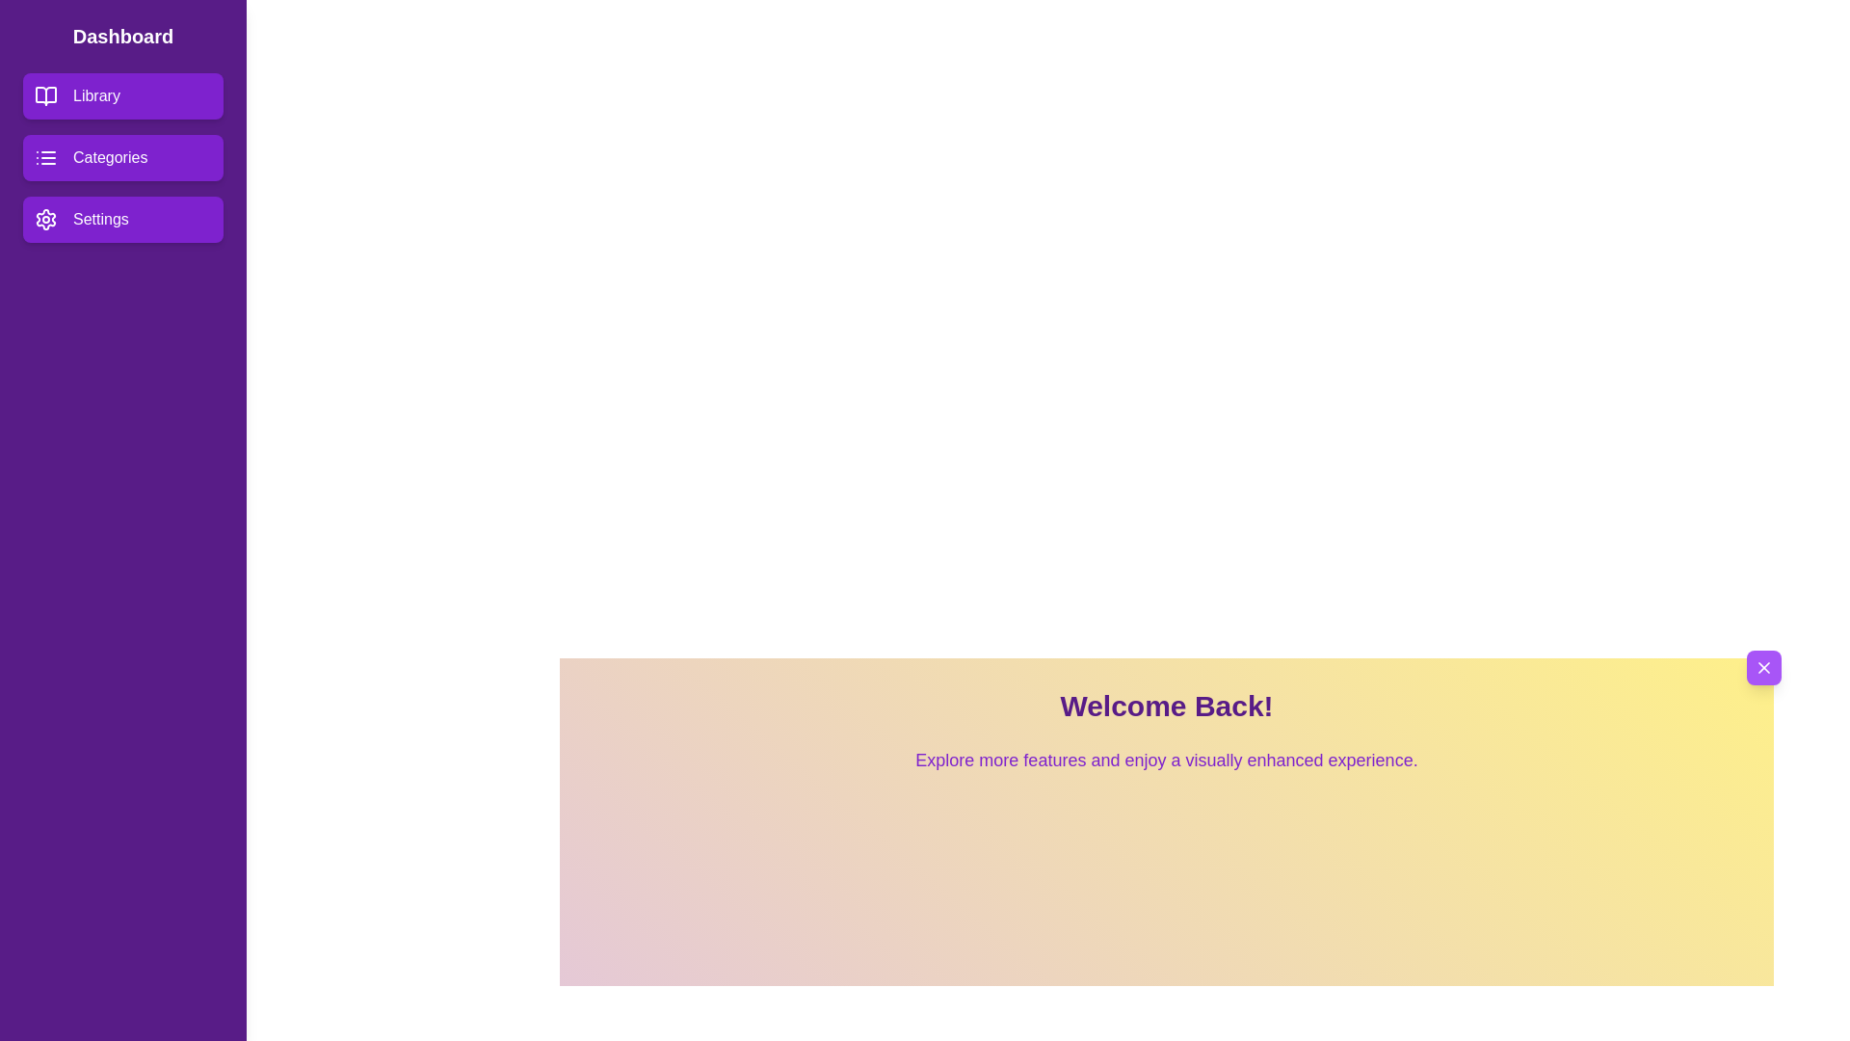 This screenshot has width=1850, height=1041. Describe the element at coordinates (122, 218) in the screenshot. I see `the menu item Settings from the list` at that location.